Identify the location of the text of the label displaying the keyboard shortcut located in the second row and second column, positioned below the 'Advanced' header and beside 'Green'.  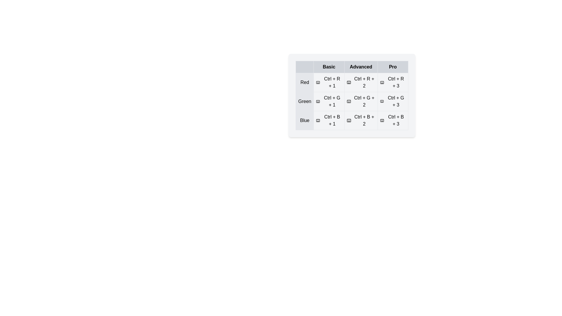
(352, 101).